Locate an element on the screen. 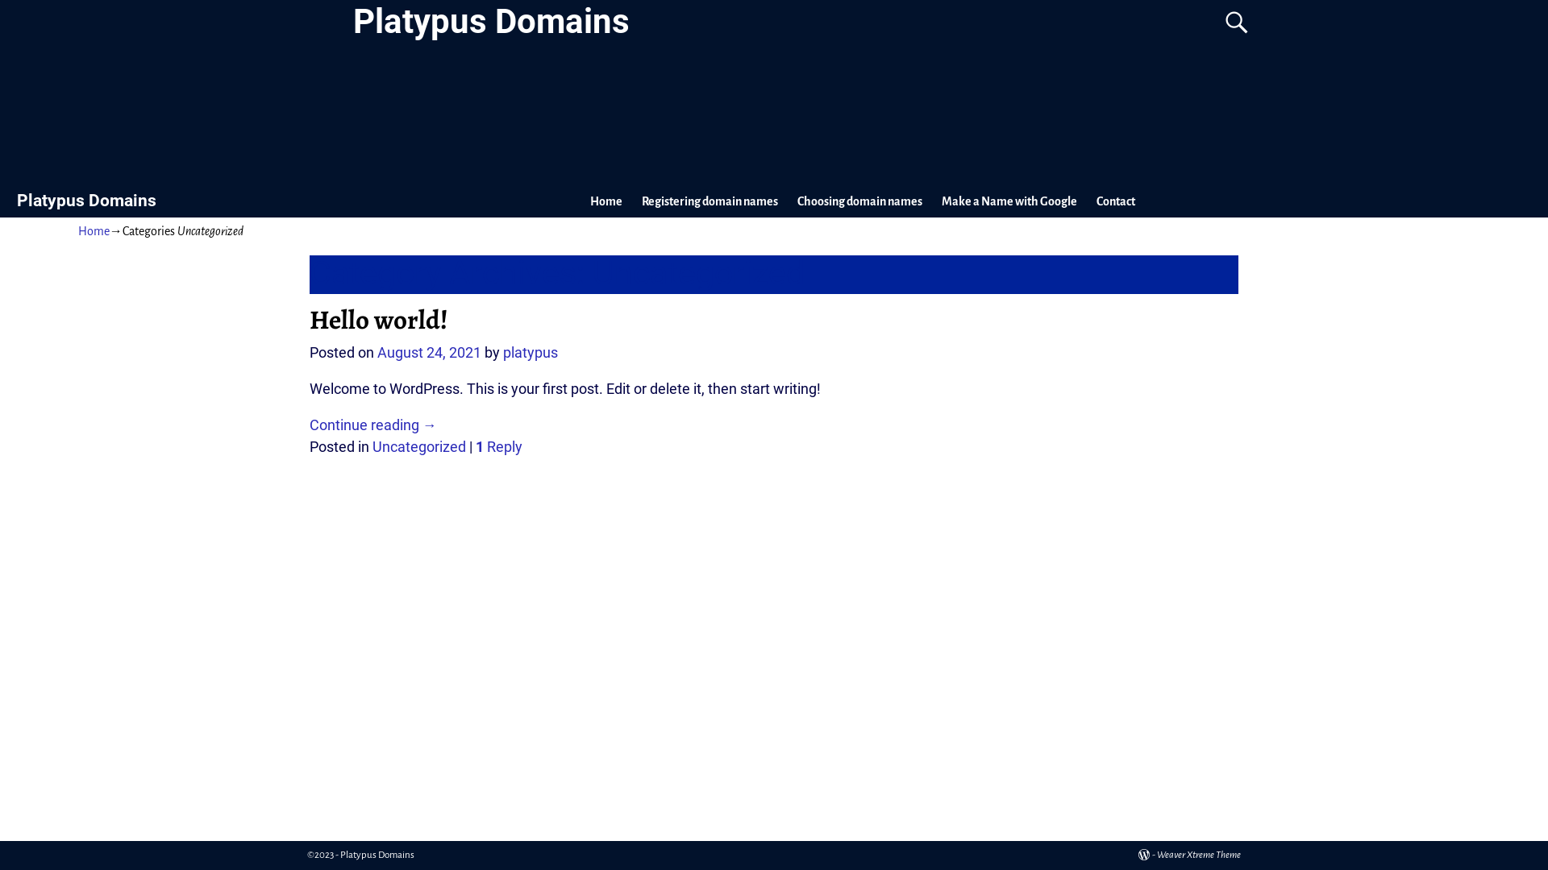 This screenshot has width=1548, height=870. '-' is located at coordinates (1137, 854).